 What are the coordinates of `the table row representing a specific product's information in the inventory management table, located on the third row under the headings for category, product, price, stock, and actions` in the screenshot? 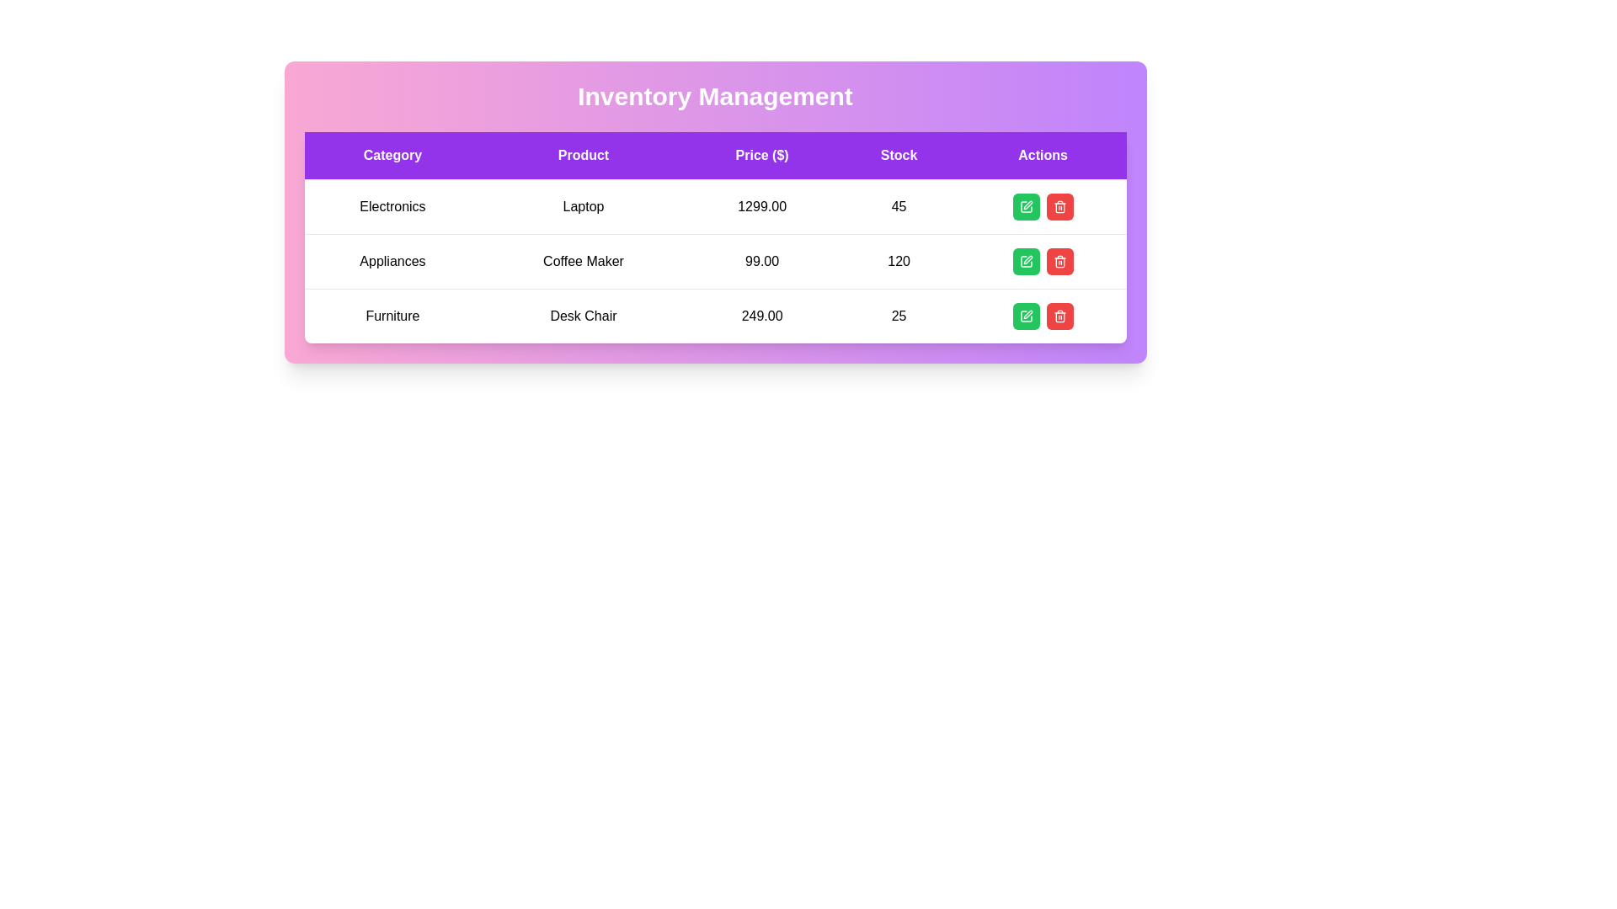 It's located at (715, 316).